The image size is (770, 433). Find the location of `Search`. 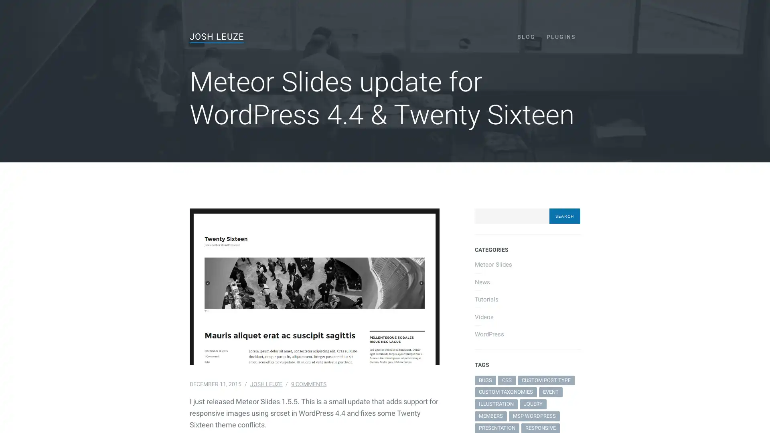

Search is located at coordinates (564, 216).